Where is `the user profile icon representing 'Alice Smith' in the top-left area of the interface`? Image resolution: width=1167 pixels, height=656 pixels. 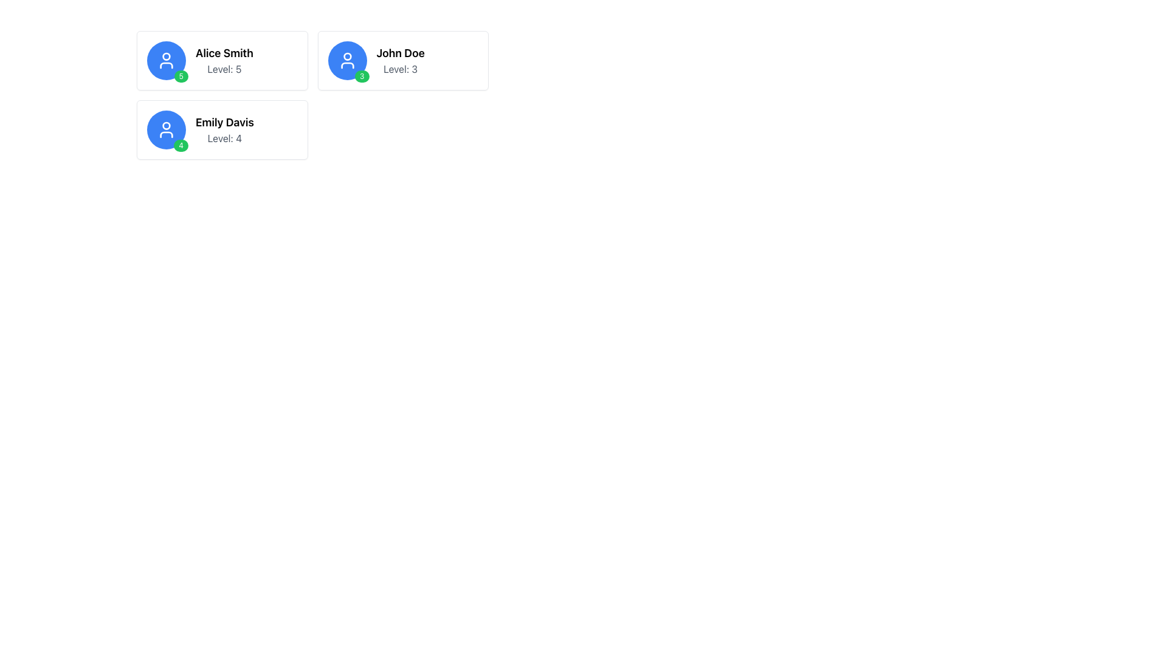 the user profile icon representing 'Alice Smith' in the top-left area of the interface is located at coordinates (165, 61).